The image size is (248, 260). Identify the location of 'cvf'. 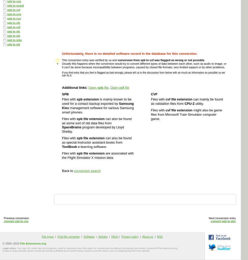
(121, 87).